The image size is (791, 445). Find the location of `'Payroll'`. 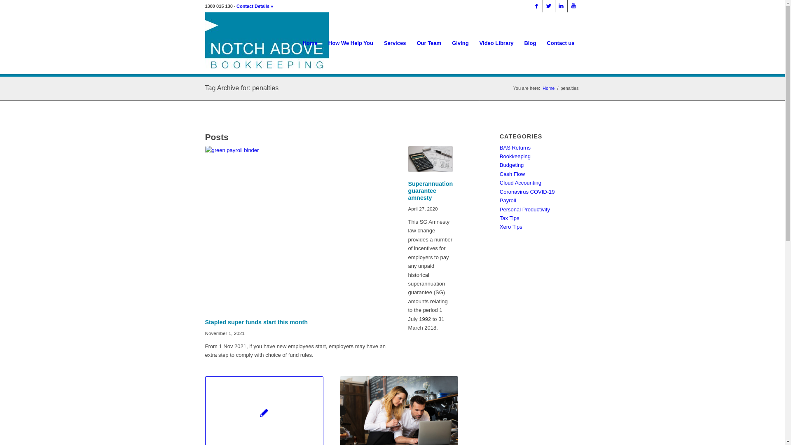

'Payroll' is located at coordinates (508, 200).